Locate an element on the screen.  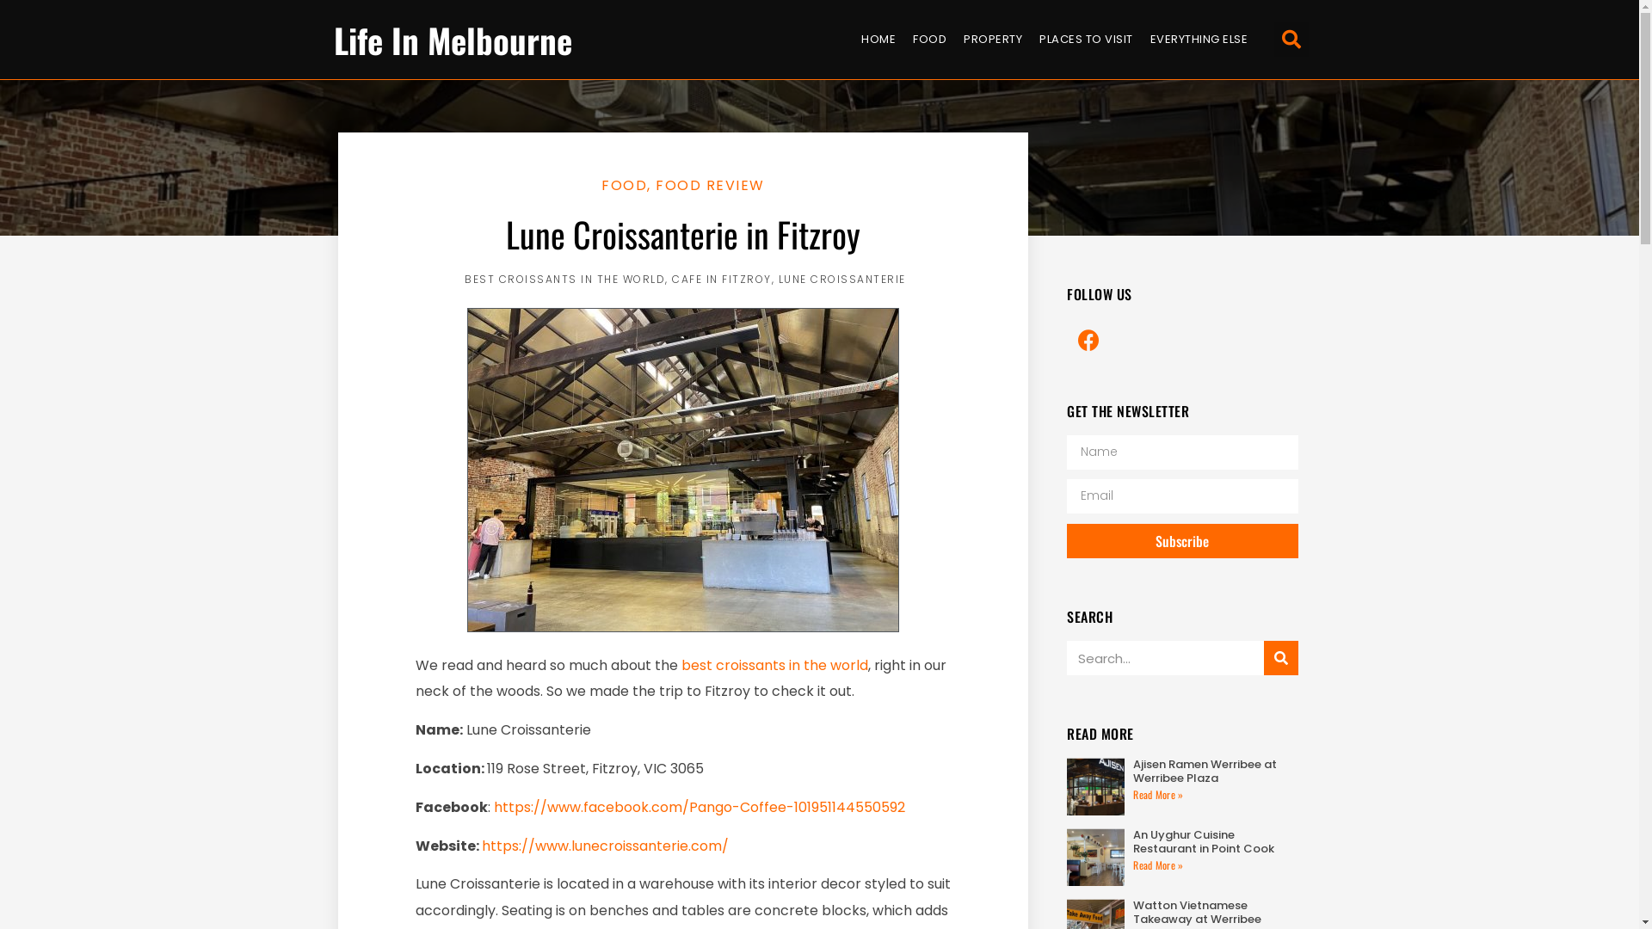
'PLACES TO VISIT' is located at coordinates (1085, 39).